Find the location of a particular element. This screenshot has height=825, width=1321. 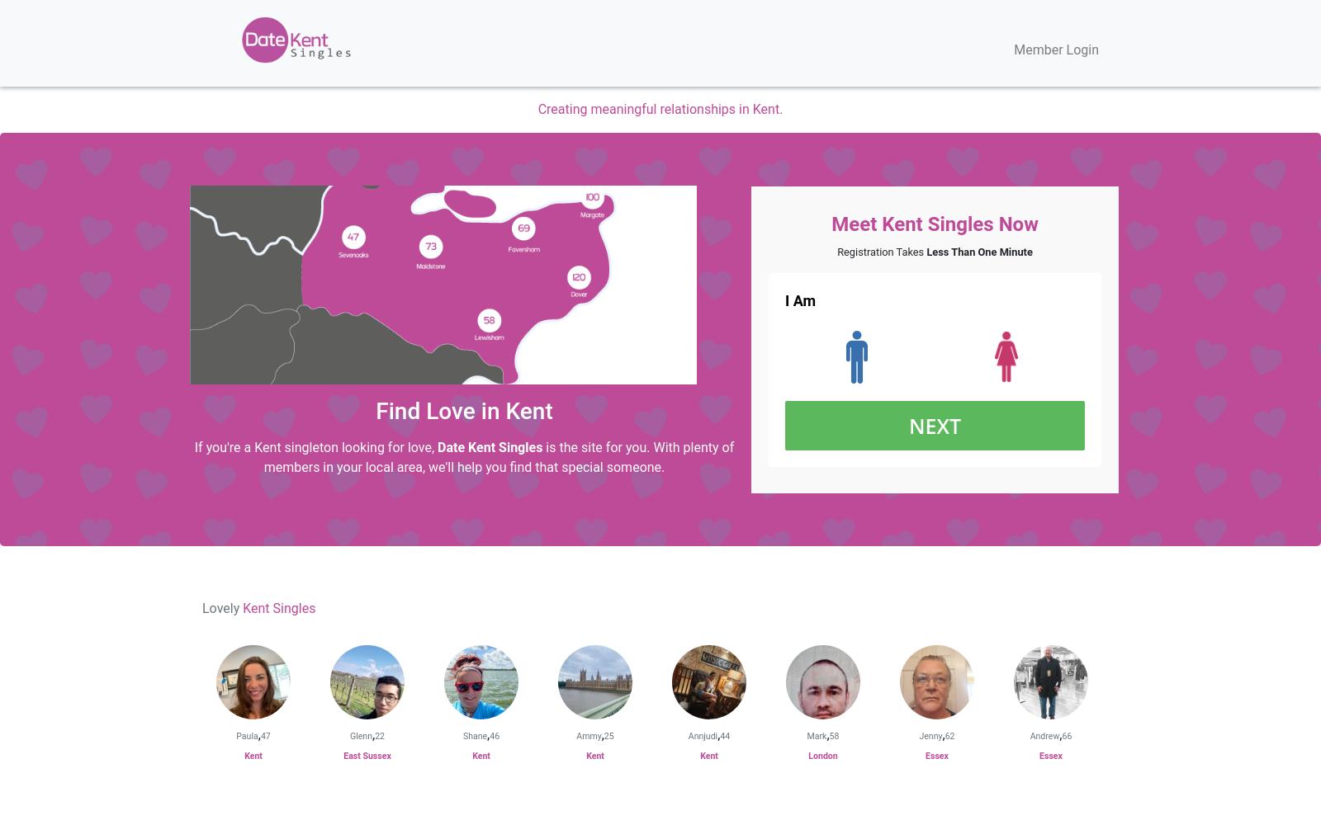

'Meet Kent Singles Now' is located at coordinates (831, 224).